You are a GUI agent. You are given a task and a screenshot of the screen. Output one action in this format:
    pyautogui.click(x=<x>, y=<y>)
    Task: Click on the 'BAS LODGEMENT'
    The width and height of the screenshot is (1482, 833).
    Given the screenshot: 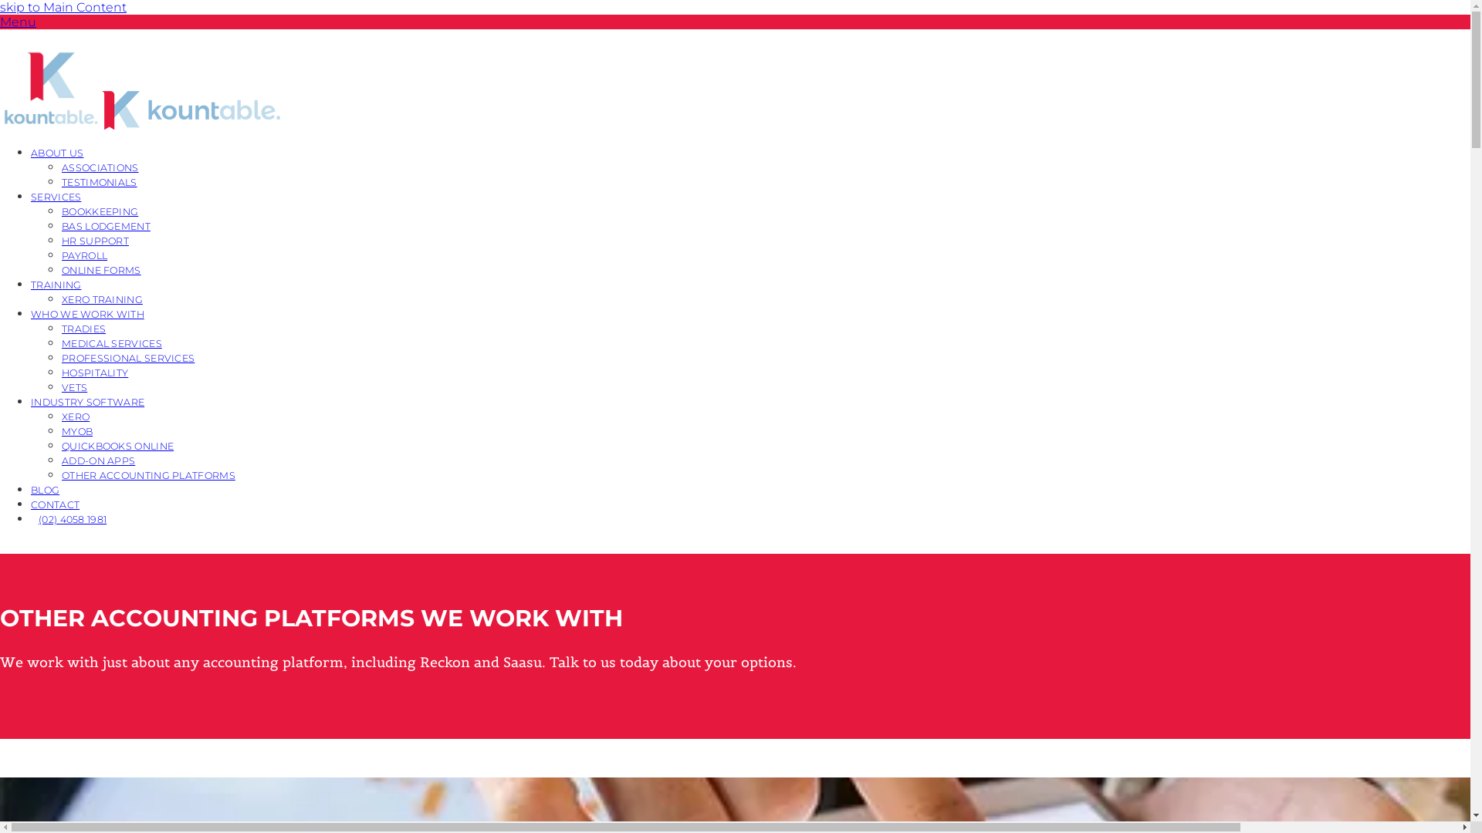 What is the action you would take?
    pyautogui.click(x=105, y=225)
    